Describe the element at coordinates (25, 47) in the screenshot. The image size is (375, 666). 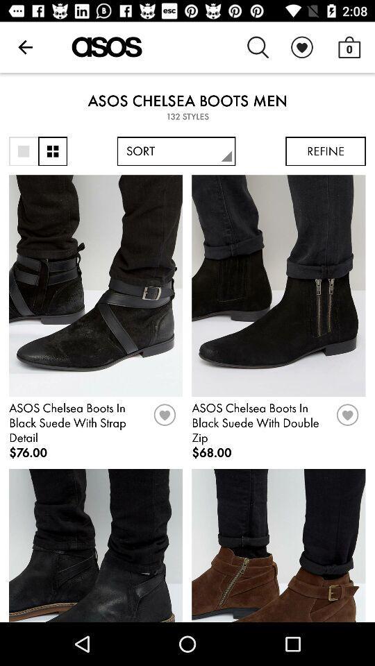
I see `the icon above asos chelsea boots icon` at that location.